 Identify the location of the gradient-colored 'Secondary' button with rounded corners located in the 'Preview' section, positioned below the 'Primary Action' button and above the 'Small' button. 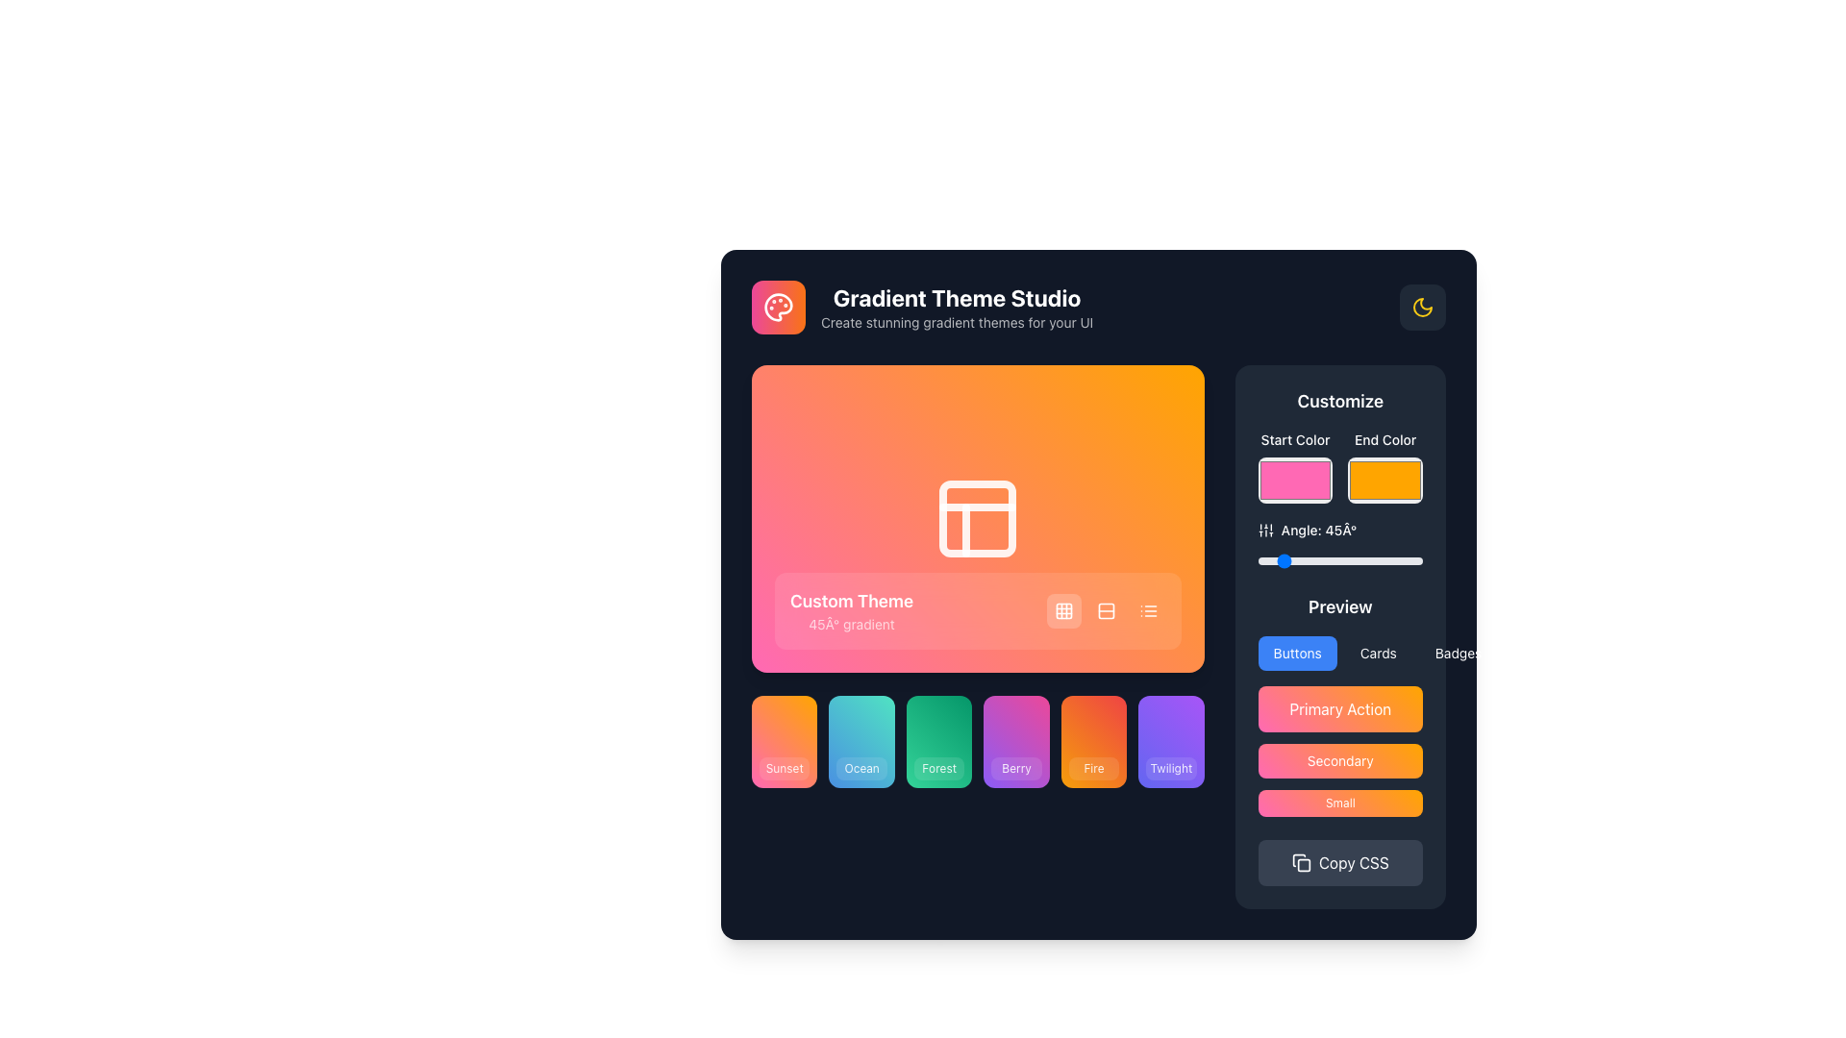
(1338, 751).